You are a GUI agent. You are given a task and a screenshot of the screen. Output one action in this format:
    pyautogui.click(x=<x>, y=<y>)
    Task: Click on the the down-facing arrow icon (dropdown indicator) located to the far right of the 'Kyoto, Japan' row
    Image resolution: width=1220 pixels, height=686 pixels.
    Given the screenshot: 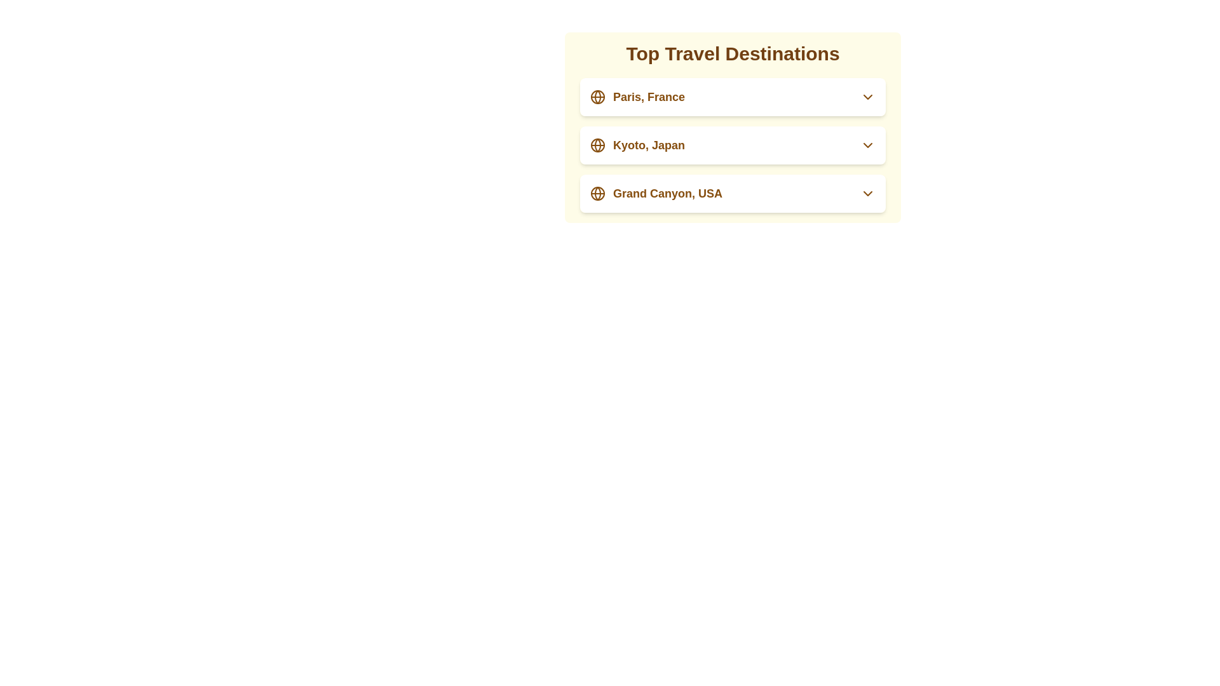 What is the action you would take?
    pyautogui.click(x=867, y=144)
    